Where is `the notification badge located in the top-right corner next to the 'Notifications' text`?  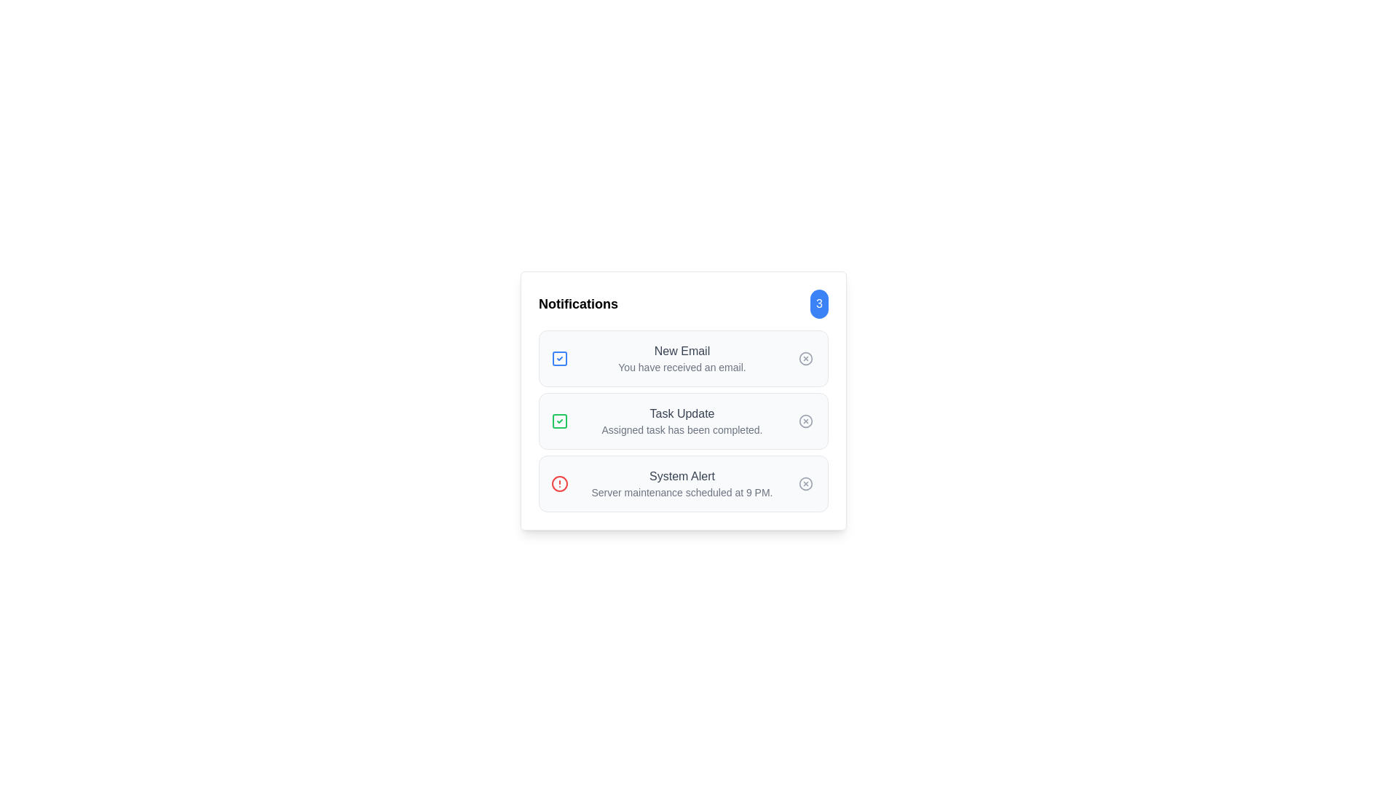
the notification badge located in the top-right corner next to the 'Notifications' text is located at coordinates (819, 303).